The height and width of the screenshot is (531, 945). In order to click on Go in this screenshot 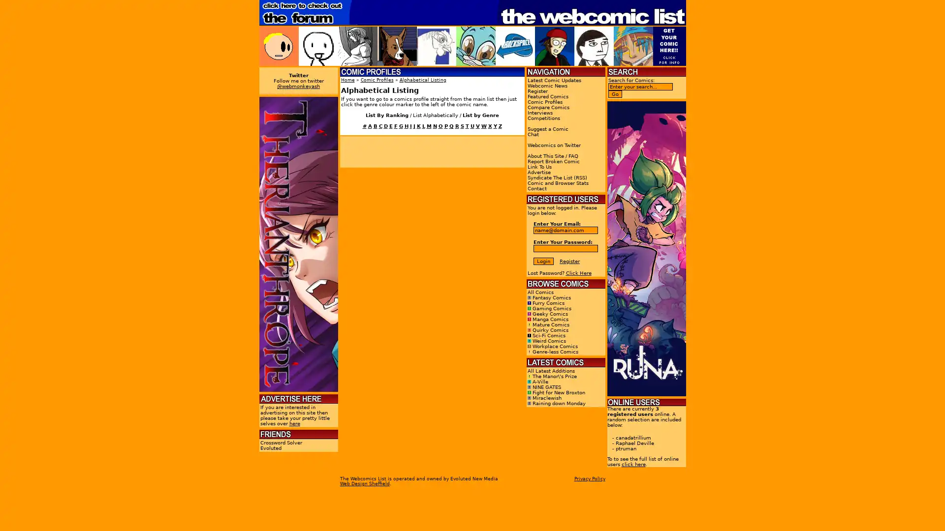, I will do `click(614, 94)`.